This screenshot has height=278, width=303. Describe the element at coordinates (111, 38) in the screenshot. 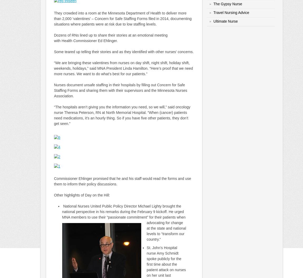

I see `'Dozens of RNs lined up to share their stories at an emotional meeting with Health Commissioner Ed Ehlinger.'` at that location.